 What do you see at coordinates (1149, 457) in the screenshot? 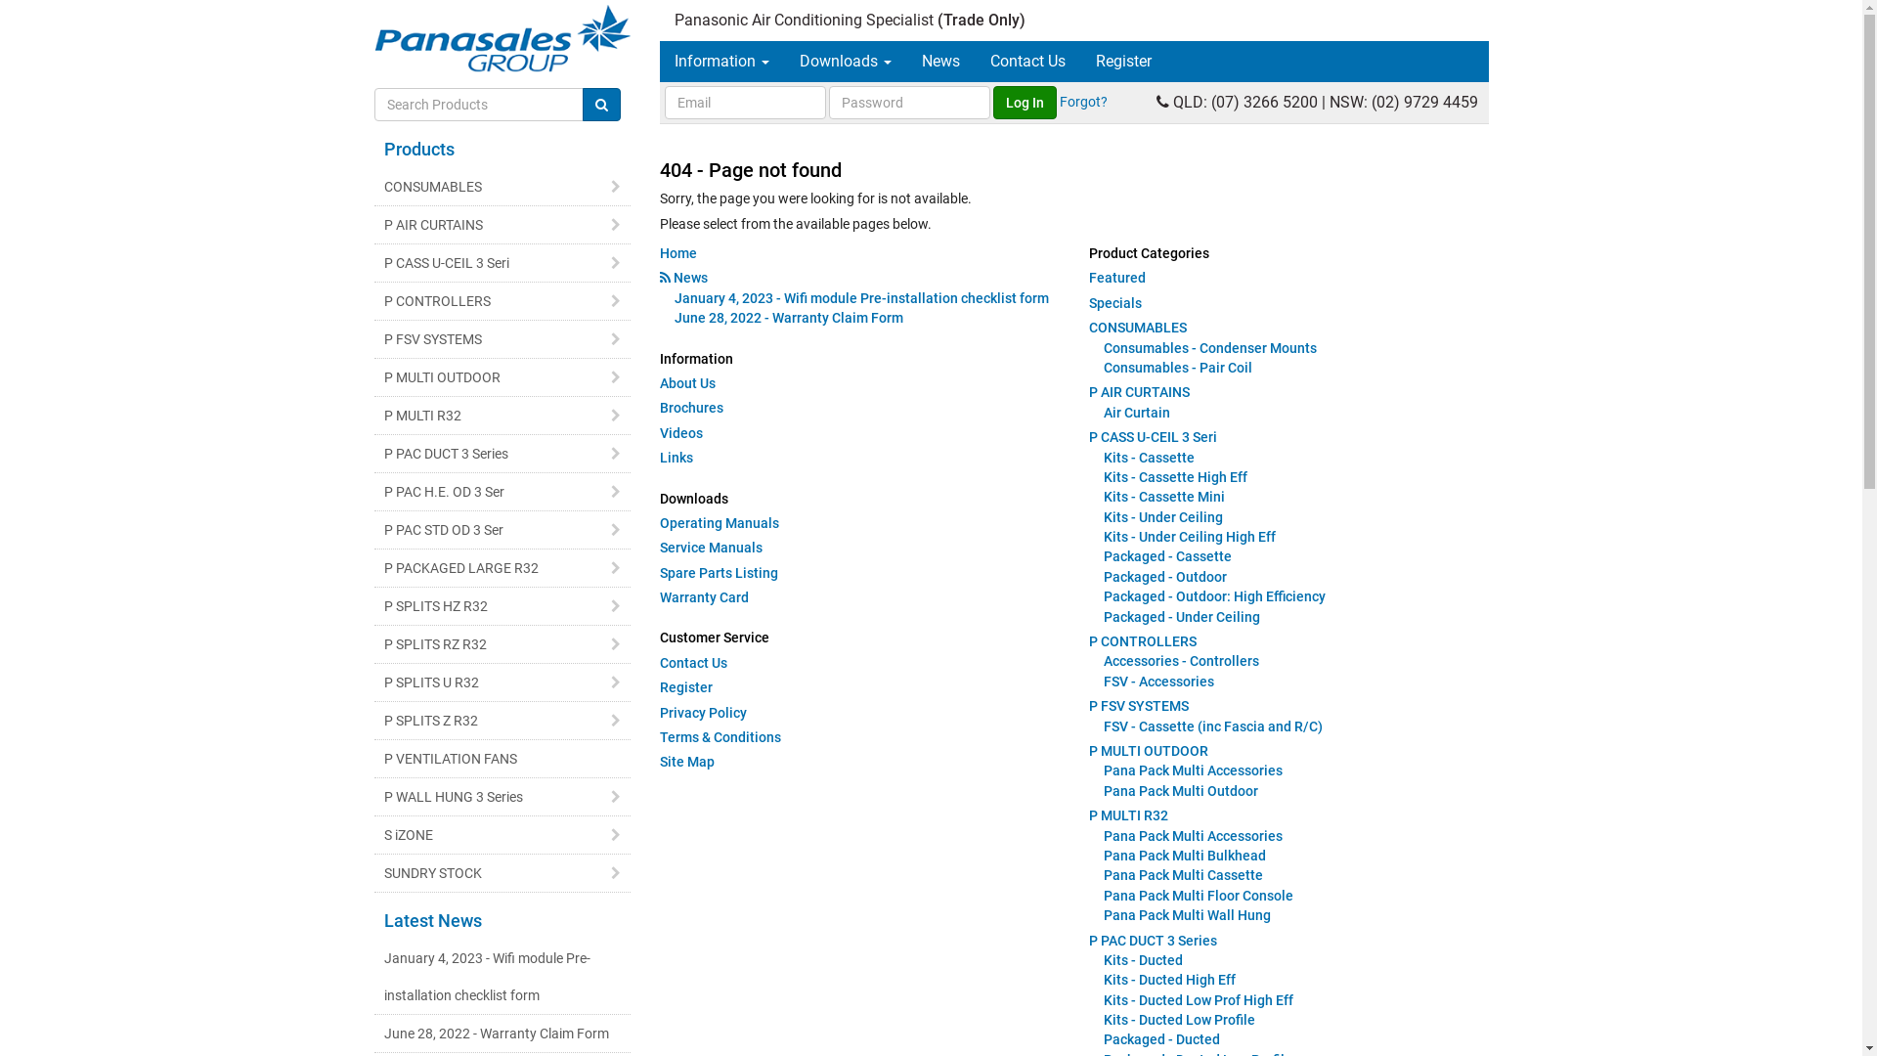
I see `'Kits - Cassette'` at bounding box center [1149, 457].